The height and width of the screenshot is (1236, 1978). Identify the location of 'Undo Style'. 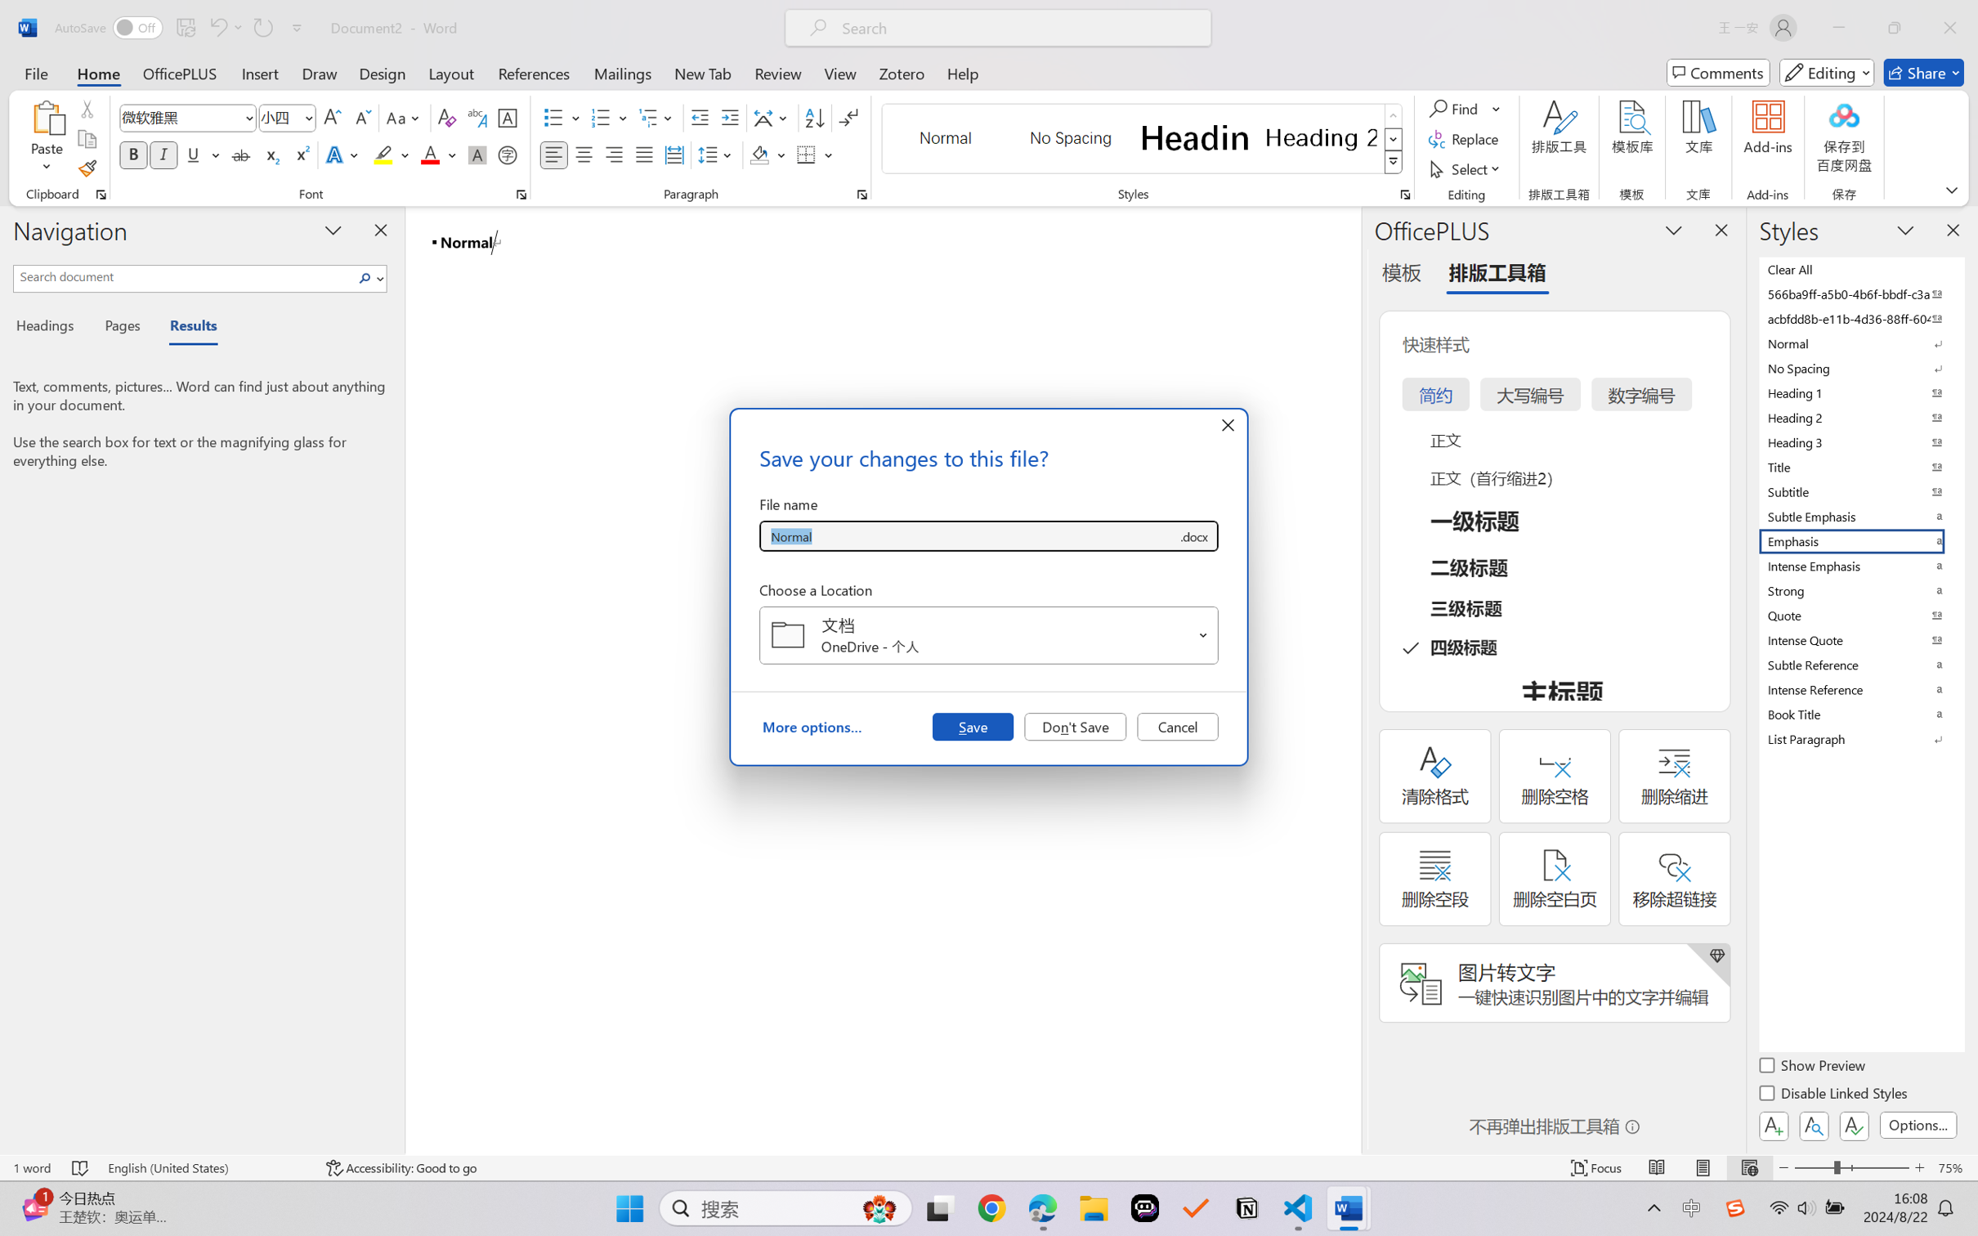
(224, 27).